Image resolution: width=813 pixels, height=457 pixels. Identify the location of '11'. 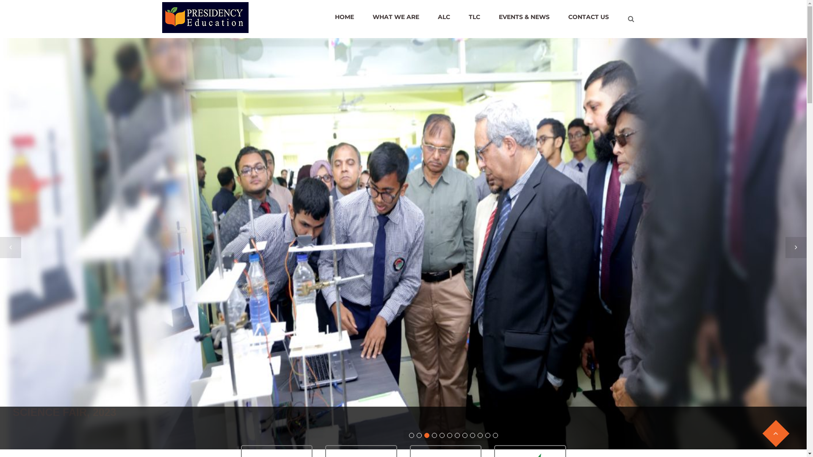
(488, 435).